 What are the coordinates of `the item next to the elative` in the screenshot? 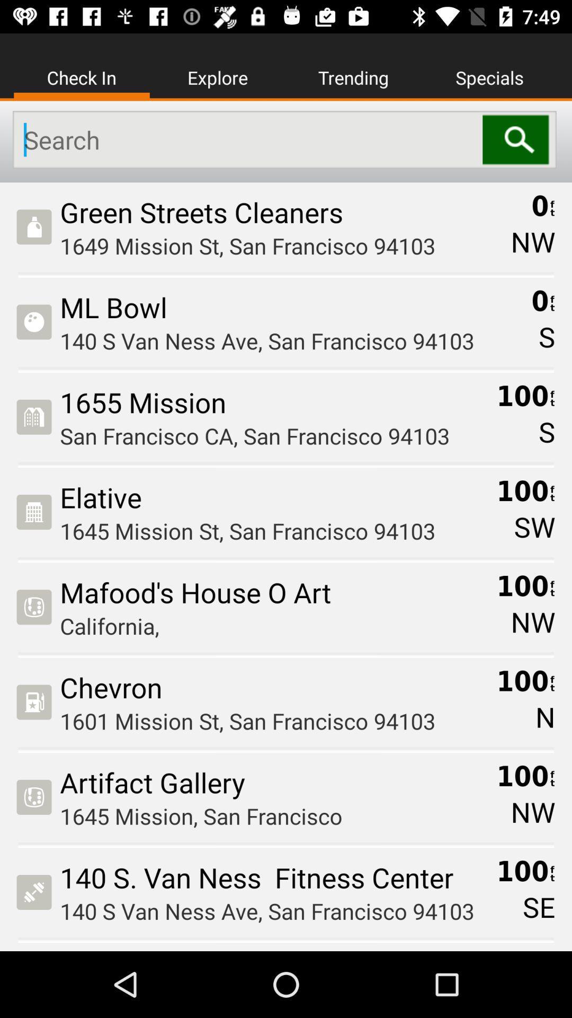 It's located at (534, 526).